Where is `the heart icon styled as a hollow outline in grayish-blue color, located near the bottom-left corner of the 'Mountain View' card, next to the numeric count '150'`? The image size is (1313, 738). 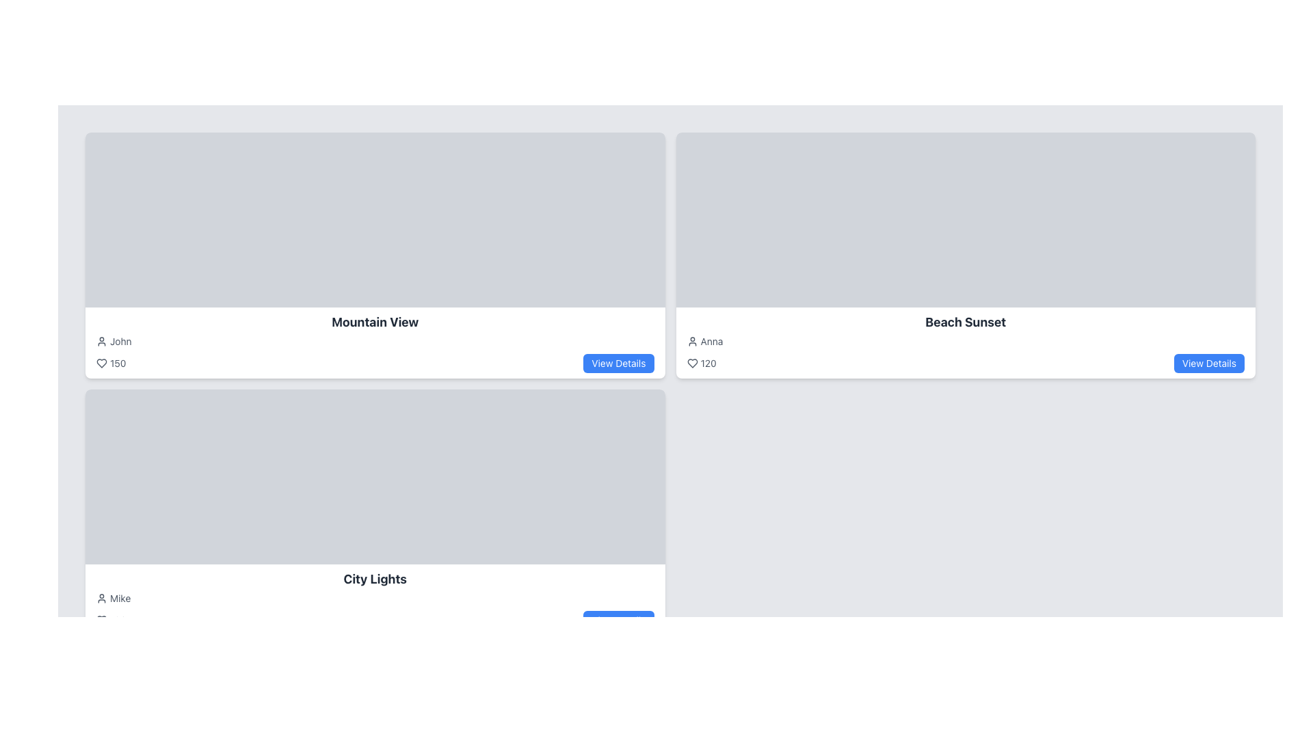 the heart icon styled as a hollow outline in grayish-blue color, located near the bottom-left corner of the 'Mountain View' card, next to the numeric count '150' is located at coordinates (101, 363).